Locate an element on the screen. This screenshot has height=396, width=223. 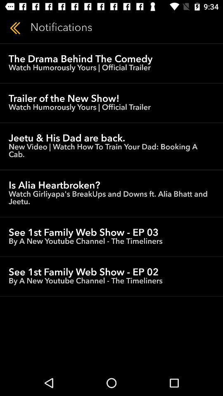
icon to the left of the notifications icon is located at coordinates (15, 28).